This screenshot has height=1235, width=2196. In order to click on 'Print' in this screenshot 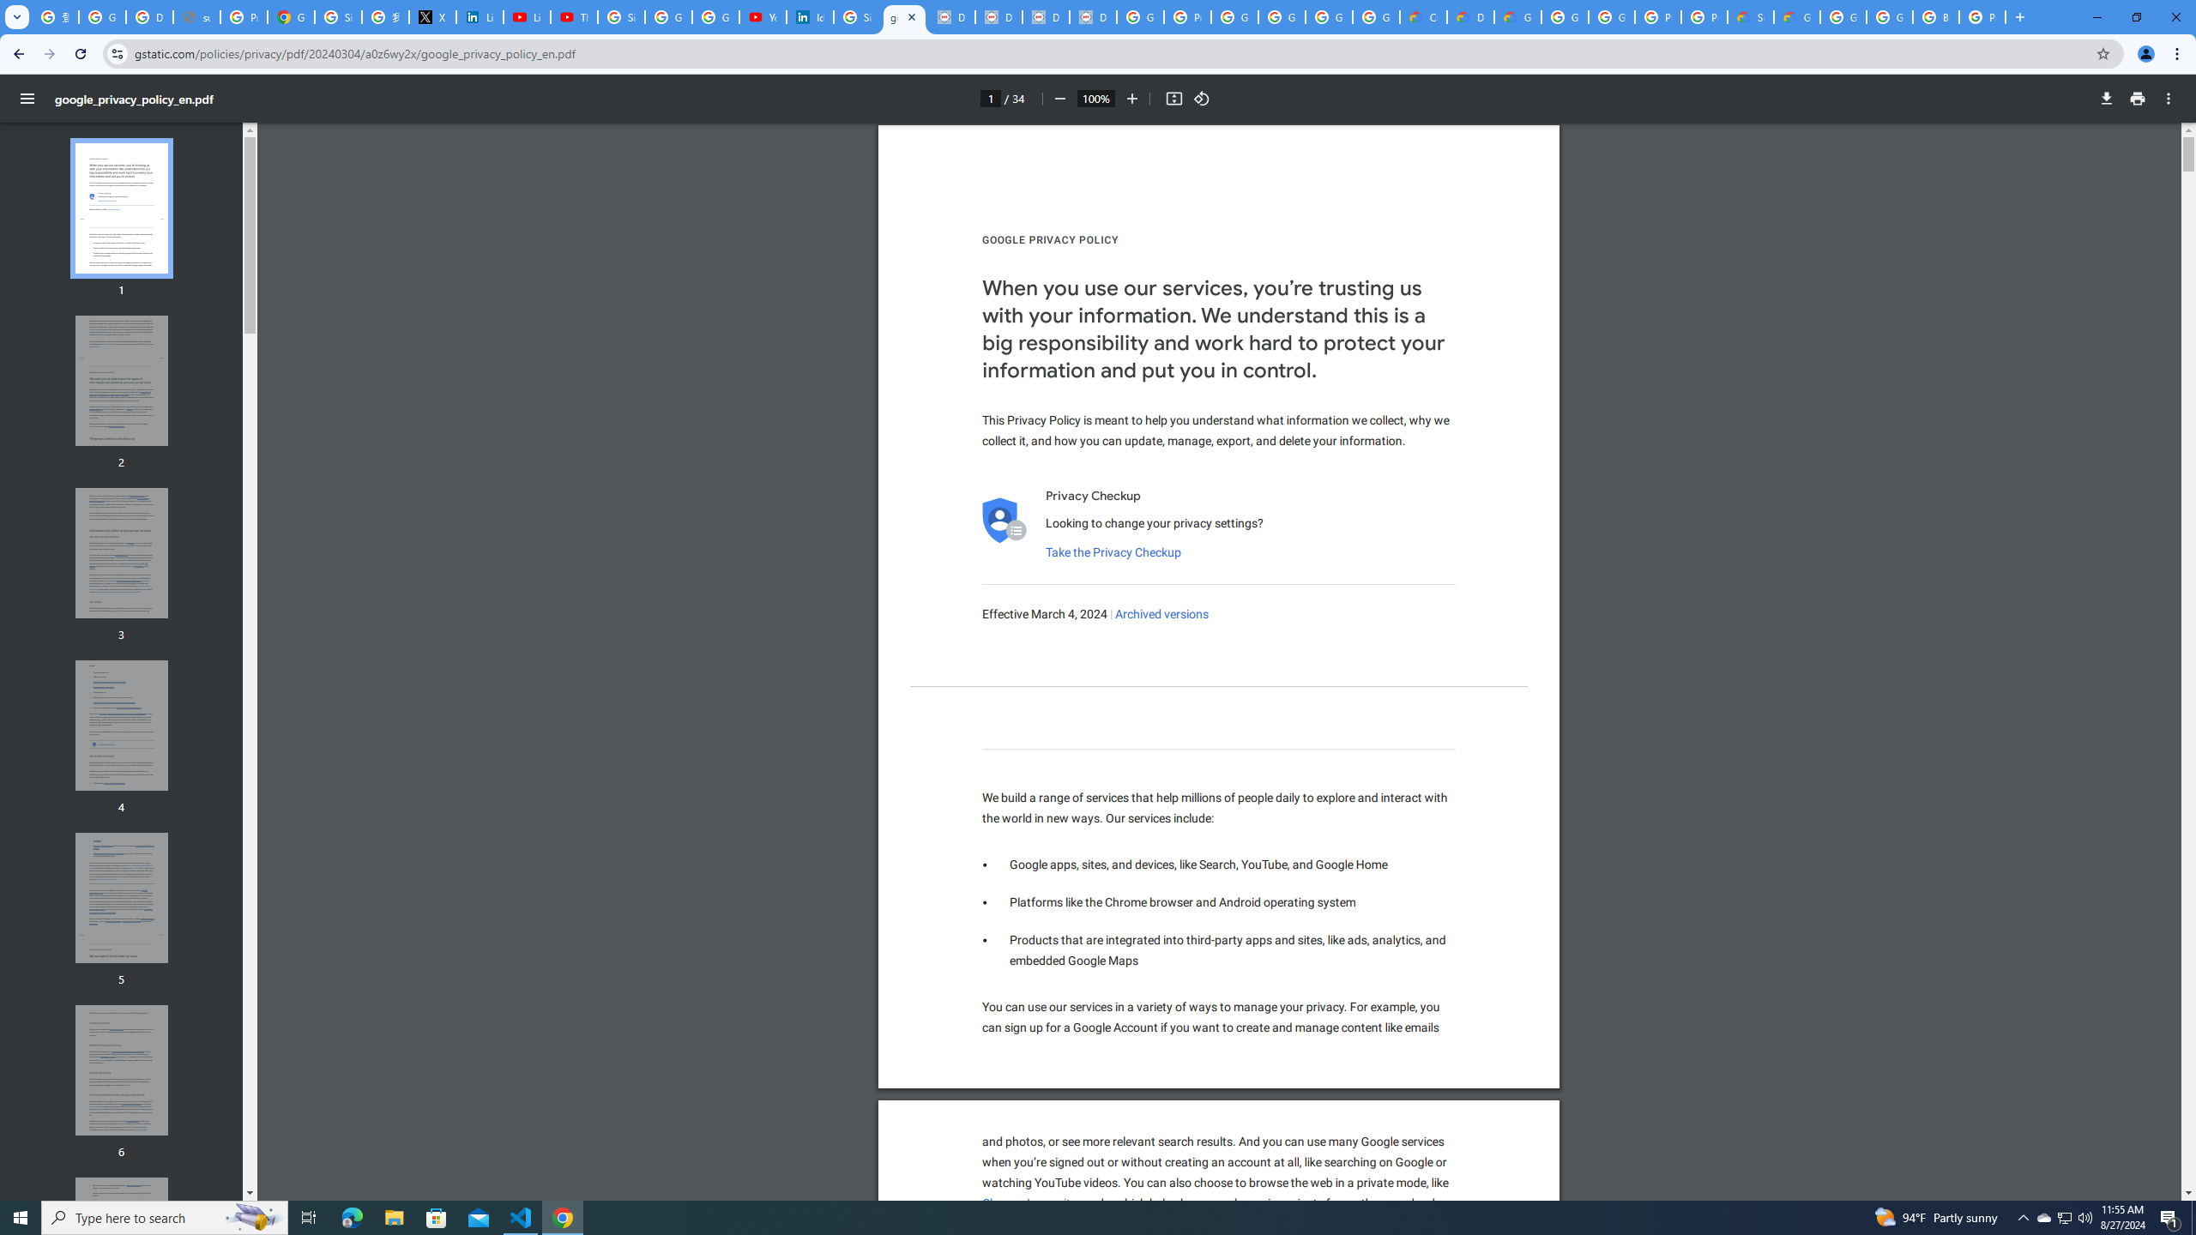, I will do `click(2137, 98)`.